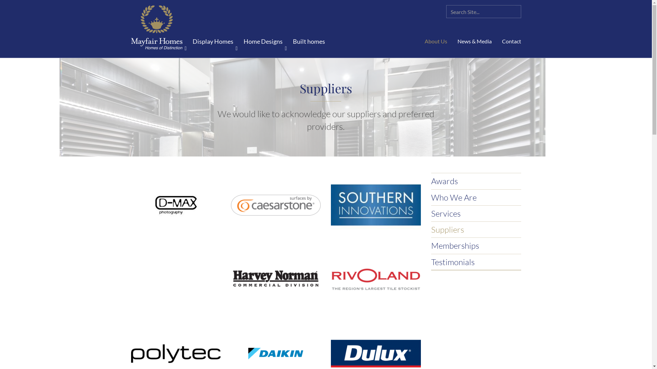  I want to click on 'Home Designs', so click(262, 41).